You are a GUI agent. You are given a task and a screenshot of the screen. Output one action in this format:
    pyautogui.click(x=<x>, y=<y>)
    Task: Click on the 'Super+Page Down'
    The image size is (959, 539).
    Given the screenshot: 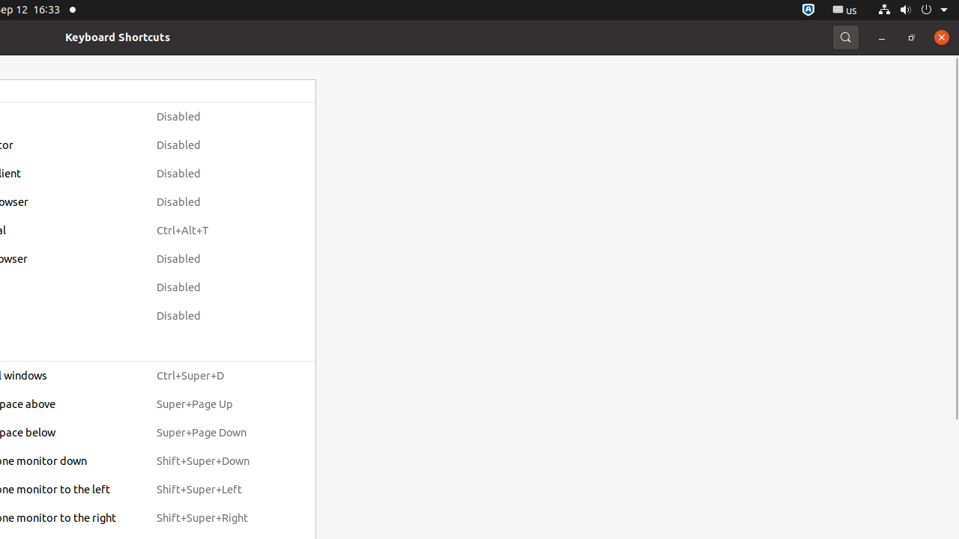 What is the action you would take?
    pyautogui.click(x=216, y=433)
    